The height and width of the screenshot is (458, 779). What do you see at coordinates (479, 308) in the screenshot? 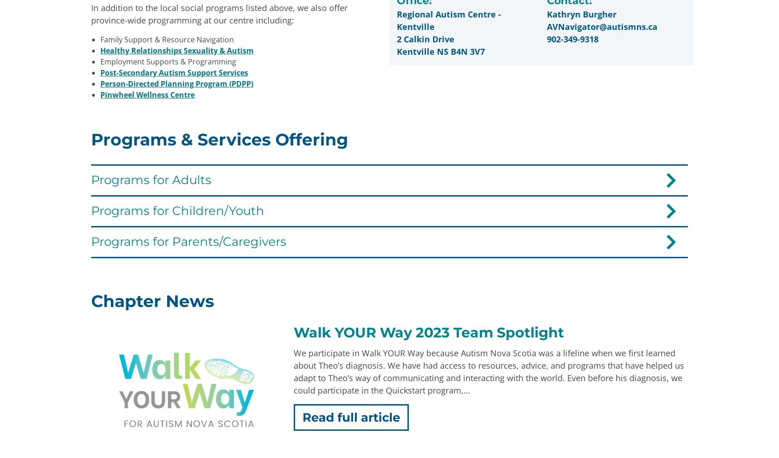
I see `'Programs & Services'` at bounding box center [479, 308].